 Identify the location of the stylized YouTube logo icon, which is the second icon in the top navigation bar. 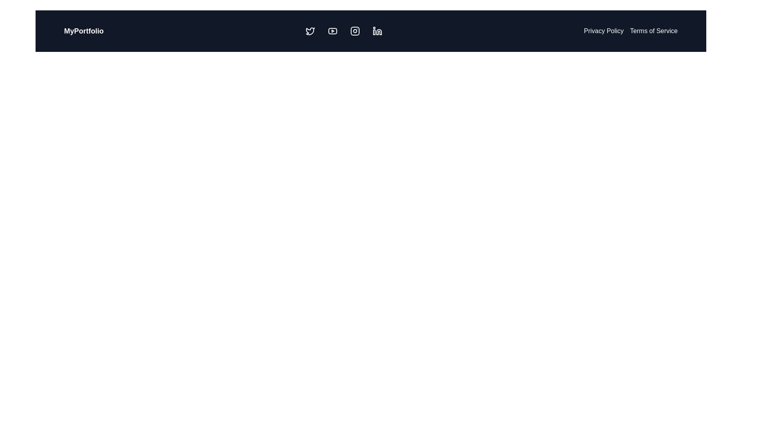
(332, 30).